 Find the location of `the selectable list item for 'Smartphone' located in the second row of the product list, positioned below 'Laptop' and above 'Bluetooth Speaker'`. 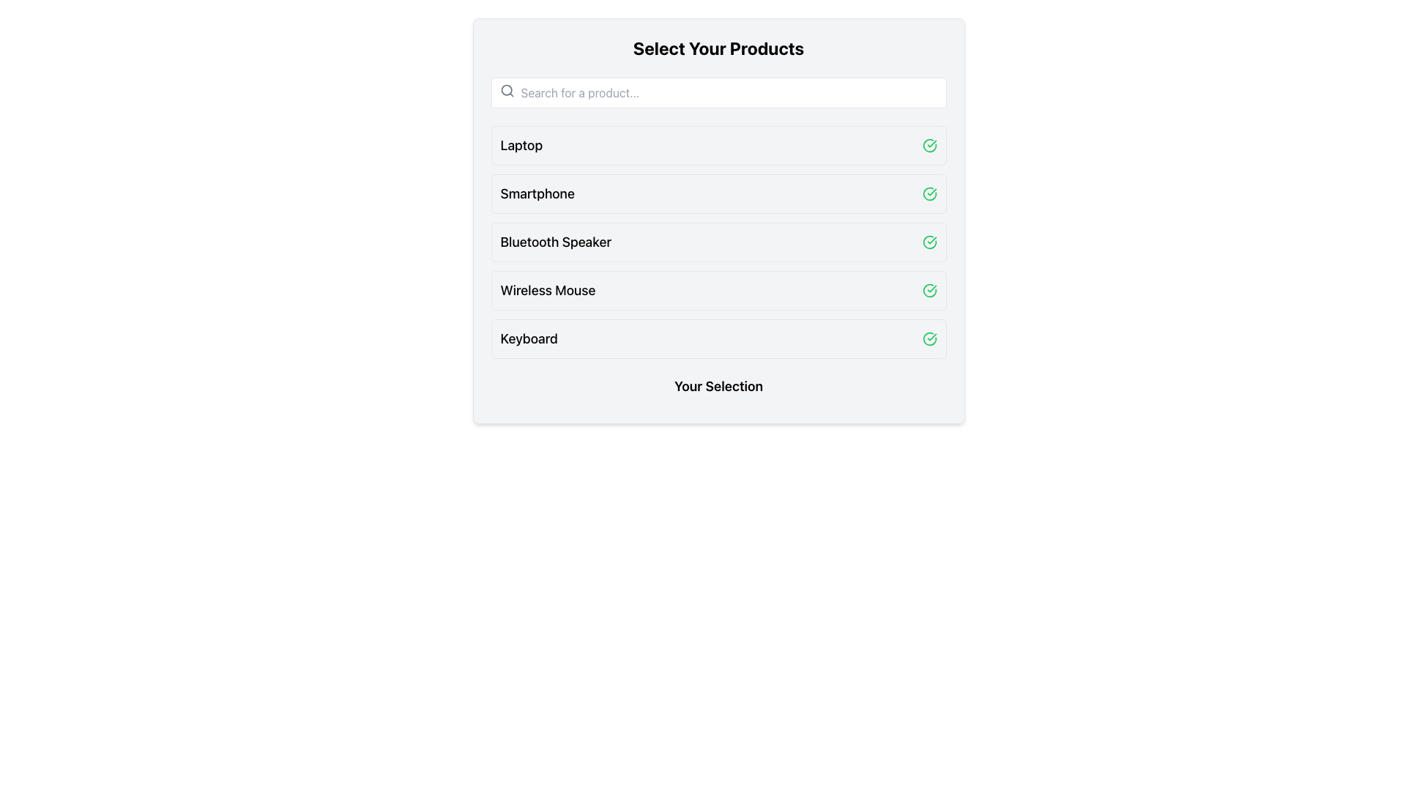

the selectable list item for 'Smartphone' located in the second row of the product list, positioned below 'Laptop' and above 'Bluetooth Speaker' is located at coordinates (718, 193).